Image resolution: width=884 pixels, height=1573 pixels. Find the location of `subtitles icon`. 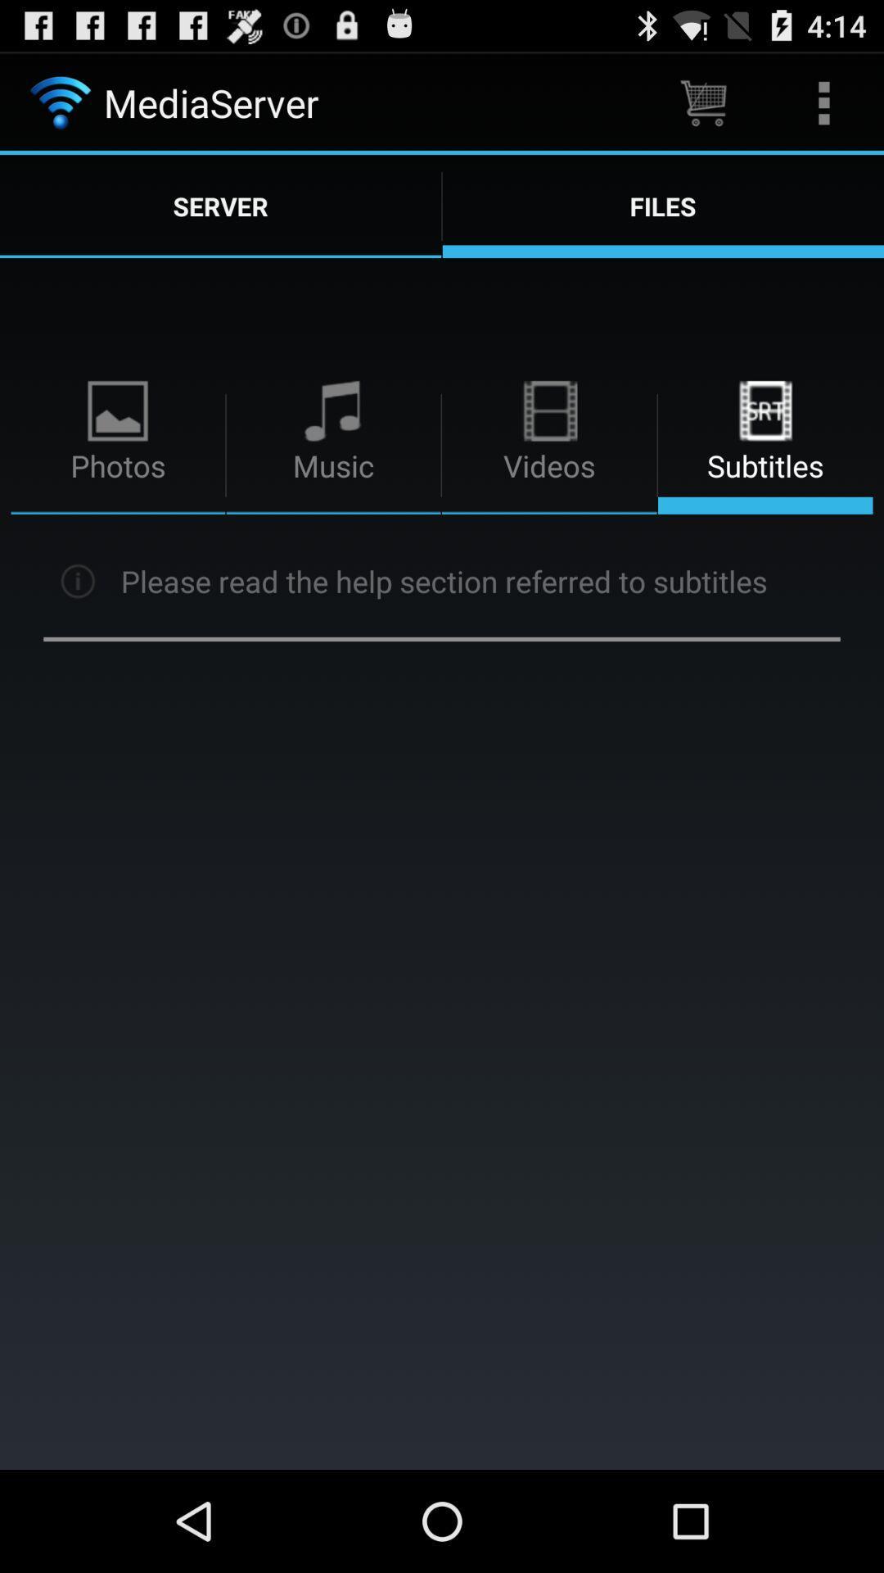

subtitles icon is located at coordinates (764, 411).